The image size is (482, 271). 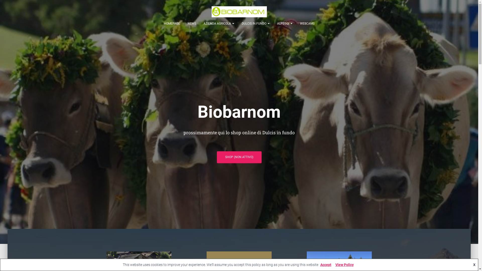 What do you see at coordinates (239, 157) in the screenshot?
I see `'SHOP (NON ATTIVO)'` at bounding box center [239, 157].